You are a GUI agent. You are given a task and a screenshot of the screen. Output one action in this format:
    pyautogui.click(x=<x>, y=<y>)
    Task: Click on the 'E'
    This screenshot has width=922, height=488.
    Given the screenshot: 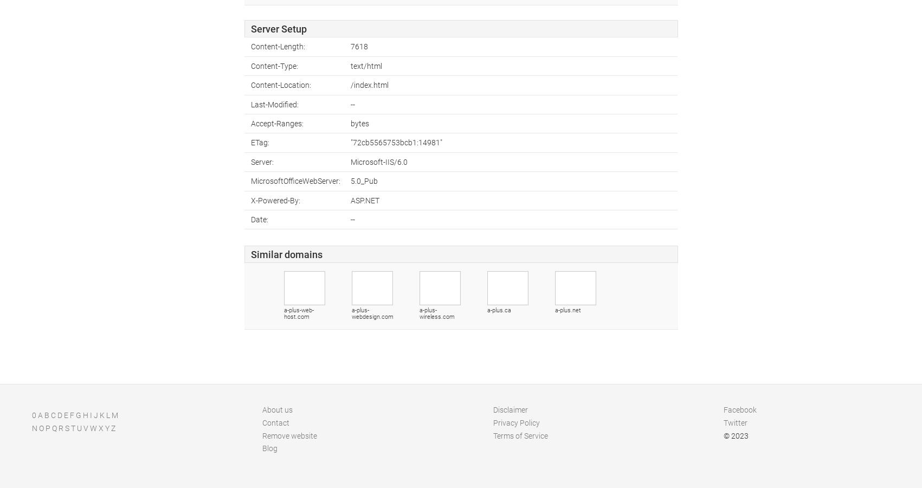 What is the action you would take?
    pyautogui.click(x=66, y=414)
    